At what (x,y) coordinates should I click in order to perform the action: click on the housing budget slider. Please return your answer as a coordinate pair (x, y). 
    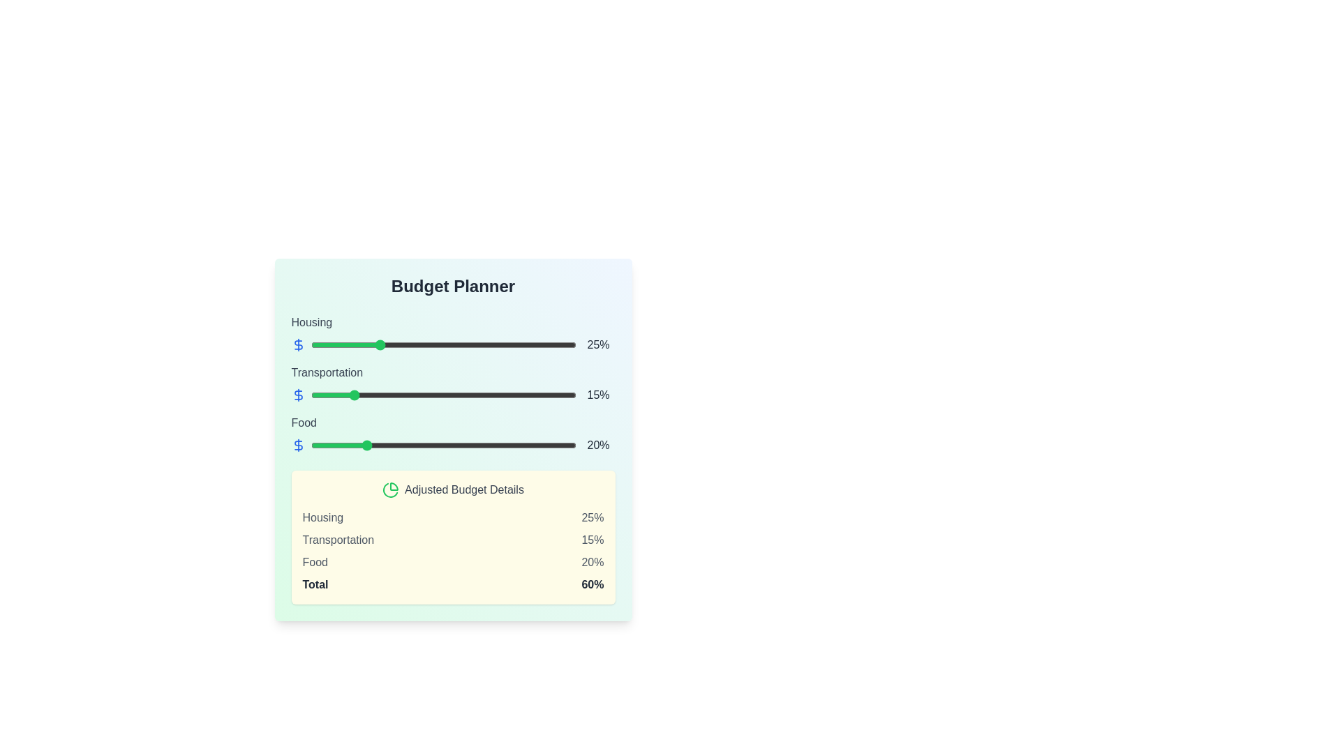
    Looking at the image, I should click on (413, 344).